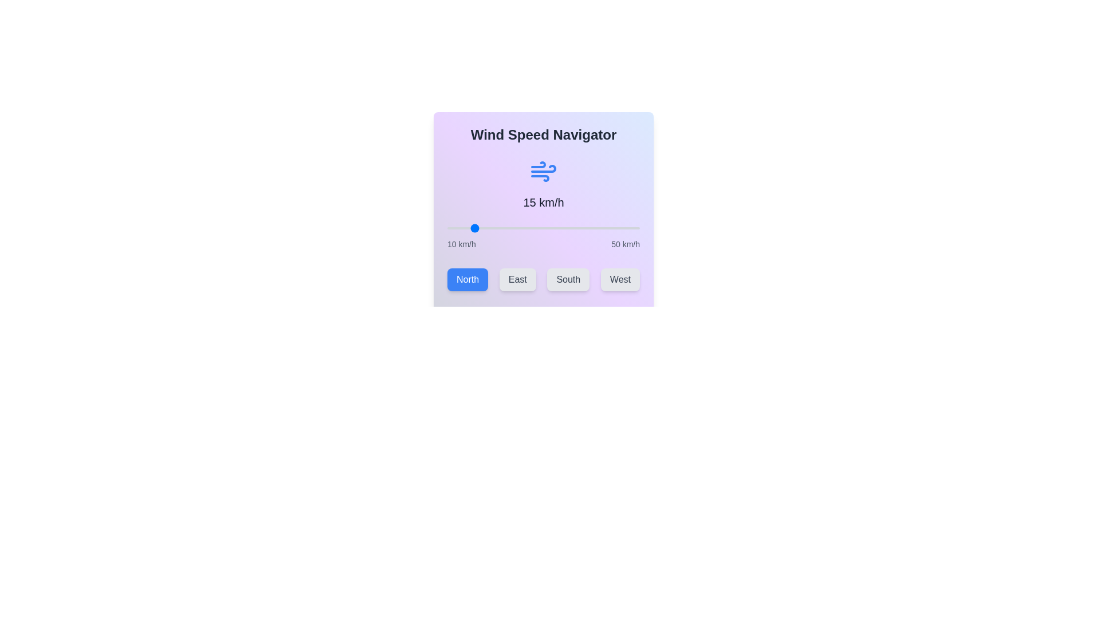 The width and height of the screenshot is (1100, 618). I want to click on the wind speed to 29 km/h using the slider, so click(538, 228).